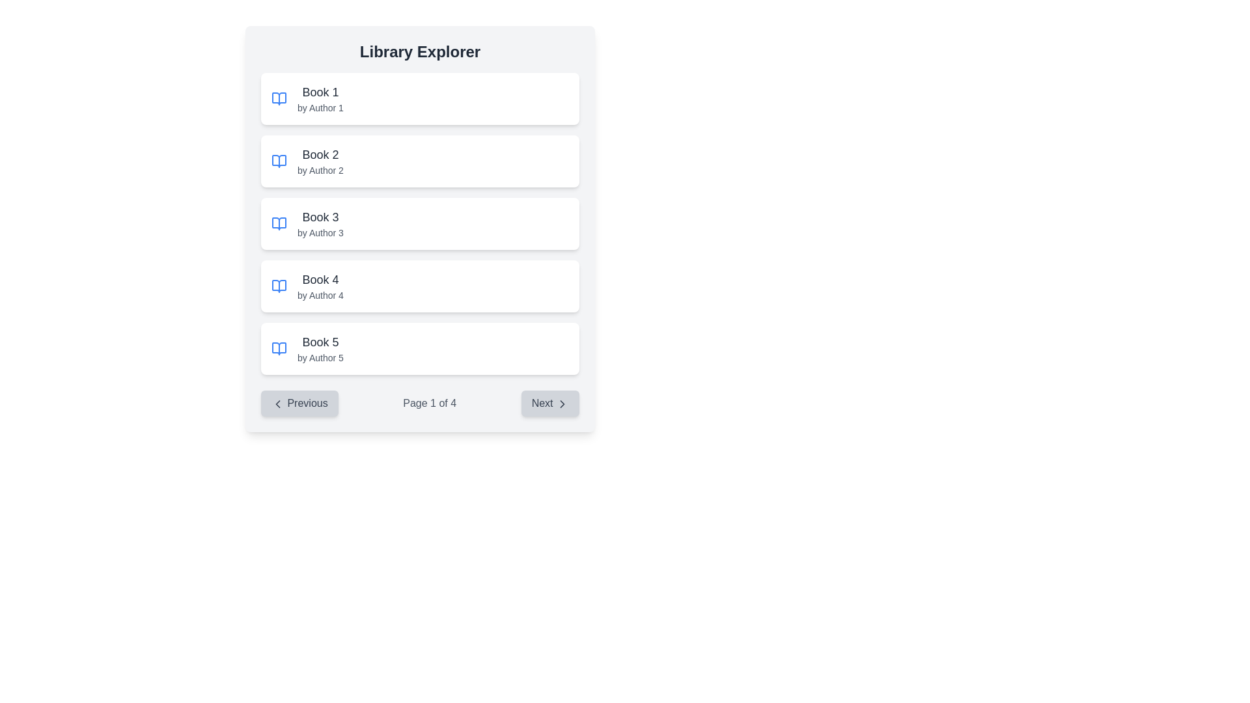 This screenshot has width=1250, height=703. Describe the element at coordinates (278, 285) in the screenshot. I see `the icon for 'Book 4 by Author 4', the left-most component in its group, to engage with adjacent visible elements` at that location.